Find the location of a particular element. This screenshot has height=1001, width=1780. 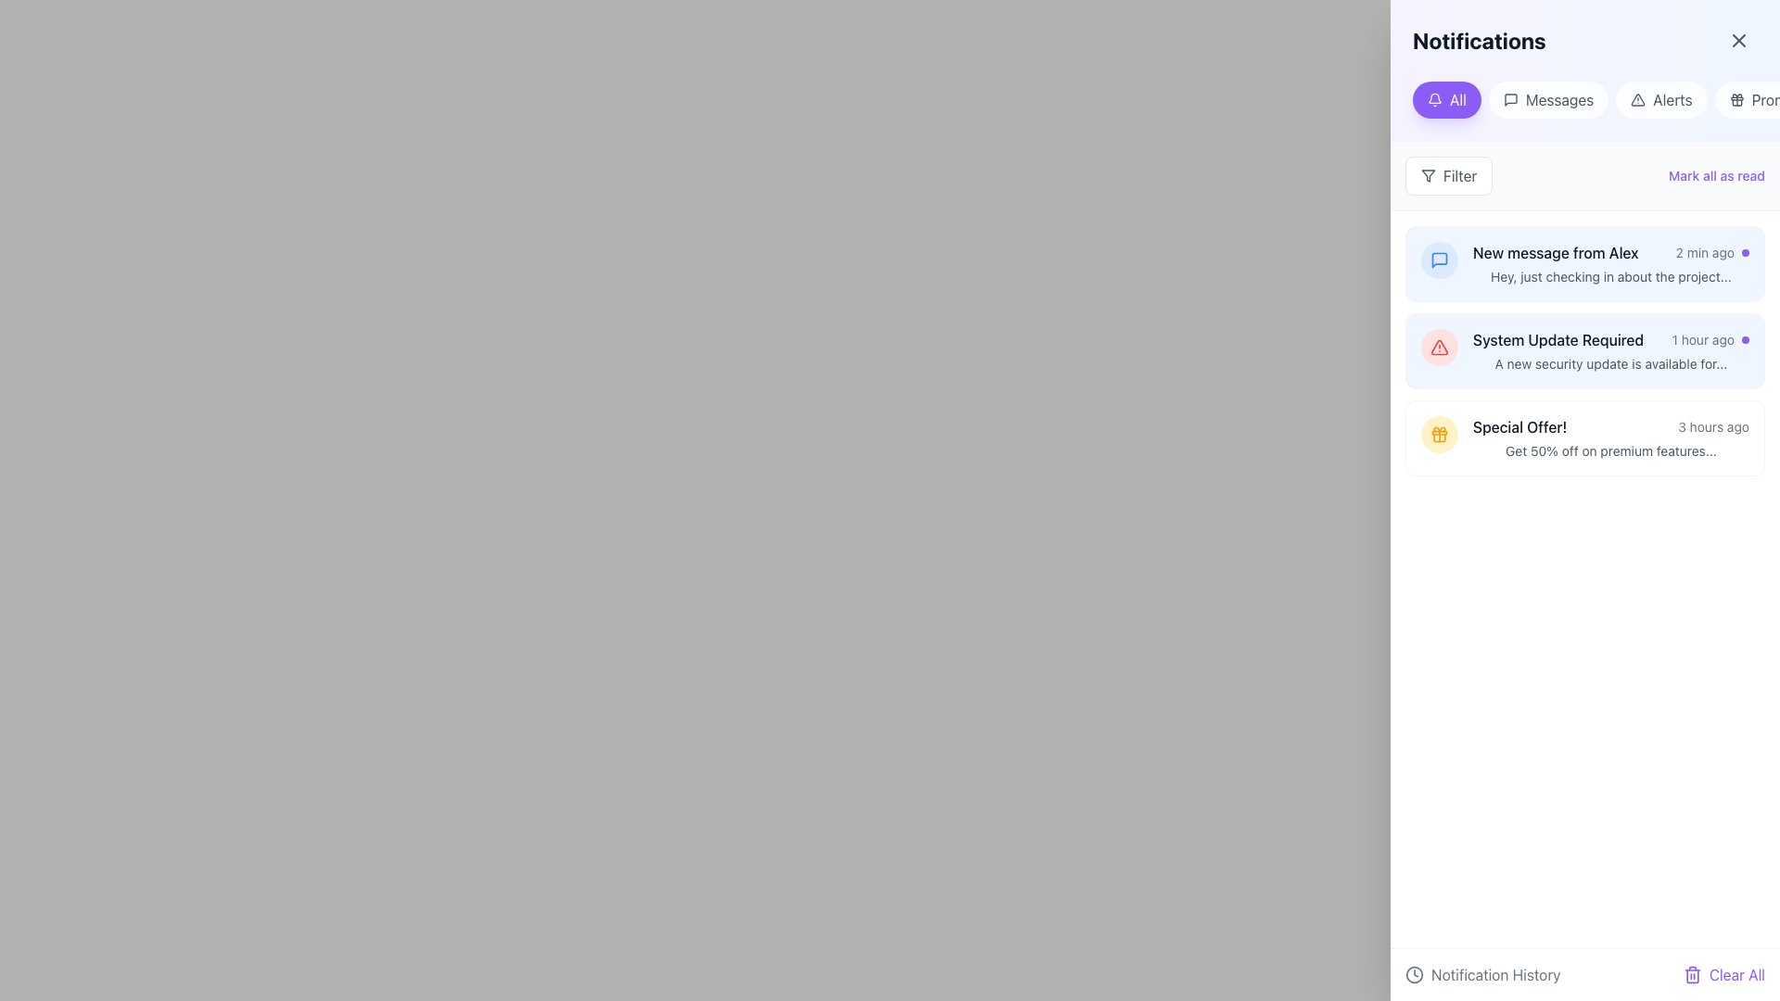

the notification icon for 'New message from Alex' located at the beginning of the notification list is located at coordinates (1439, 260).